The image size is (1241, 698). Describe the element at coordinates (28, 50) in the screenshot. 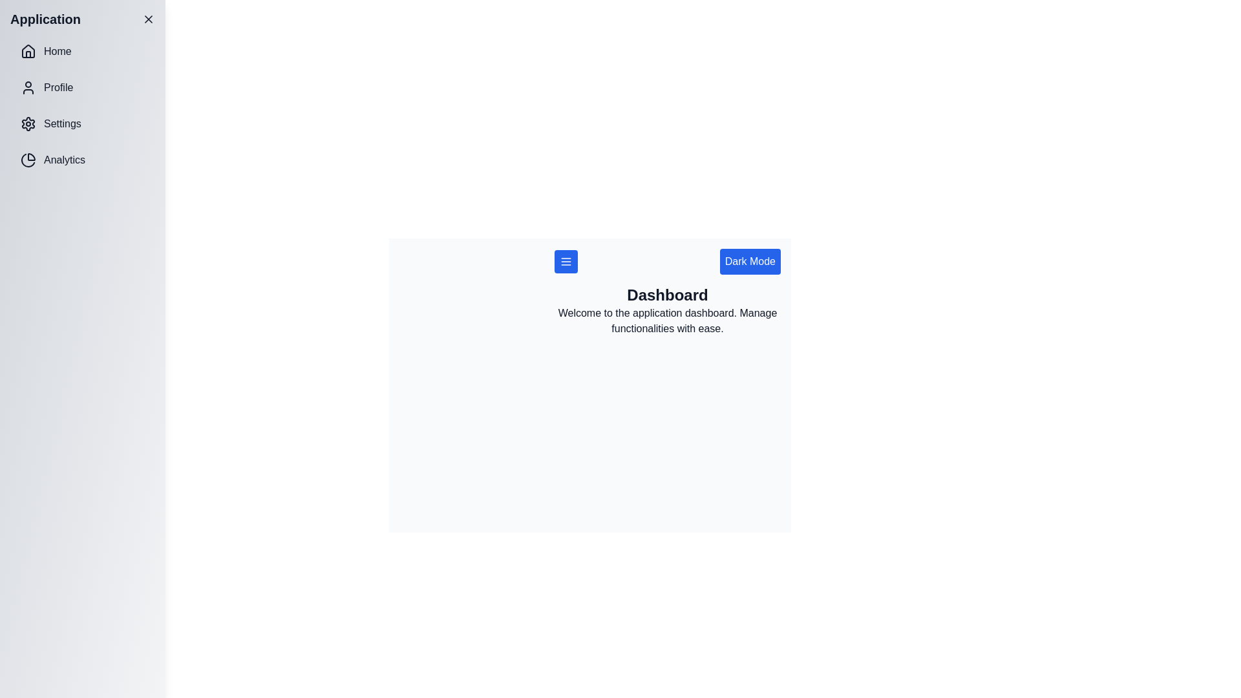

I see `the 'Home' icon in the left navigation panel` at that location.